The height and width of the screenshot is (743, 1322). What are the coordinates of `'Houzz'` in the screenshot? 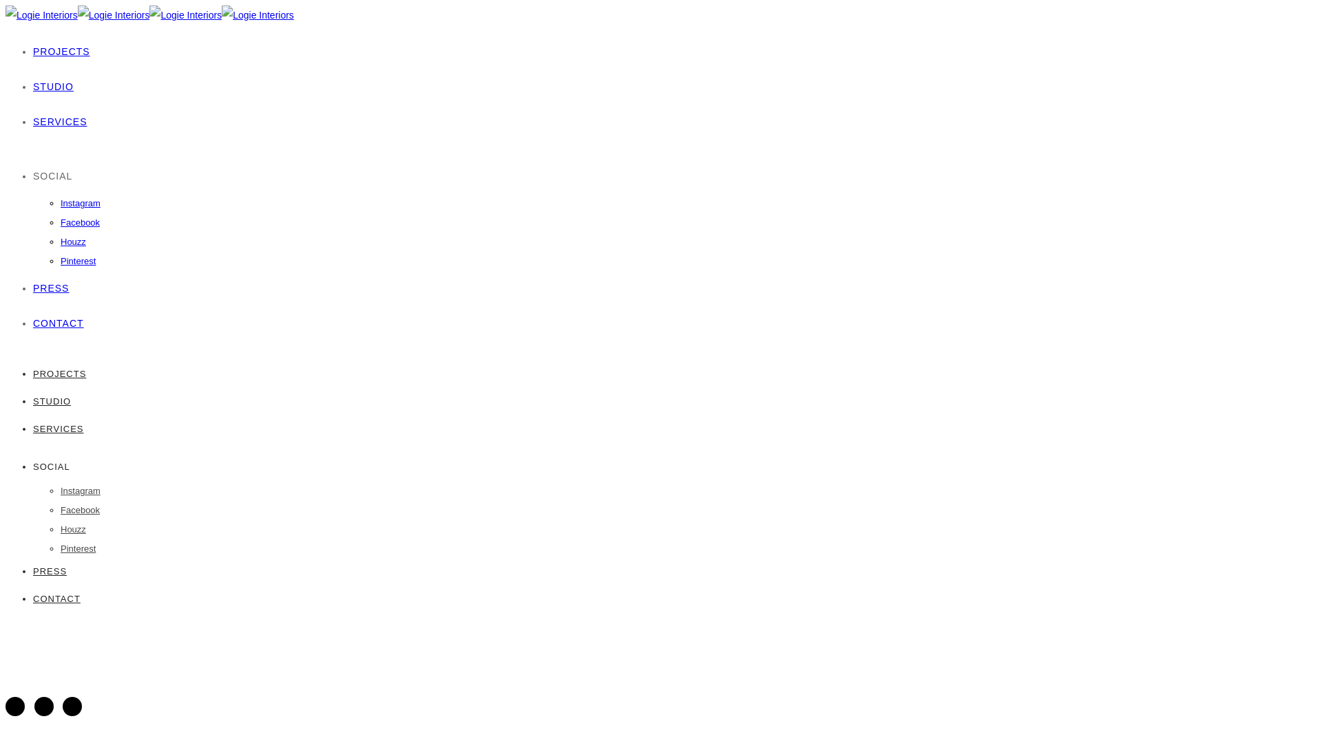 It's located at (72, 528).